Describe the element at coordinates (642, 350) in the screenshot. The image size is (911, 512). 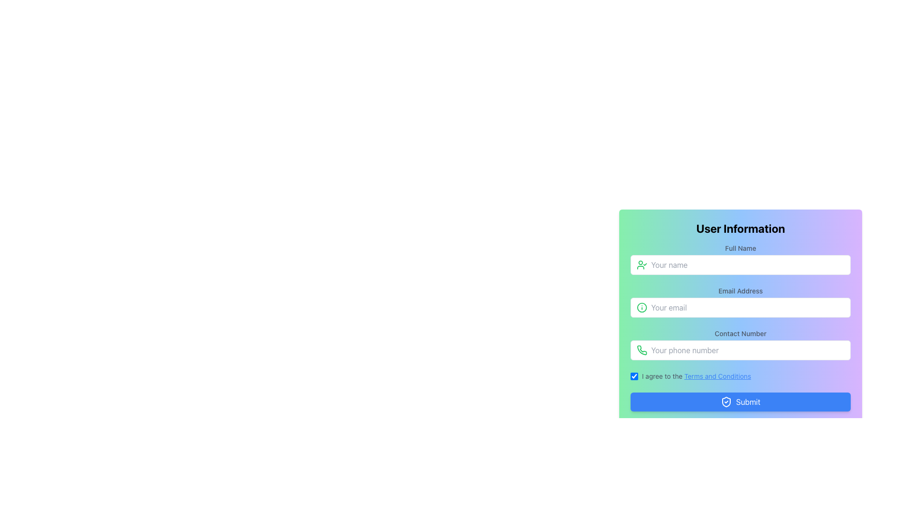
I see `the small green phone icon located to the left of the 'Your phone number' input field in the 'User Information' form` at that location.